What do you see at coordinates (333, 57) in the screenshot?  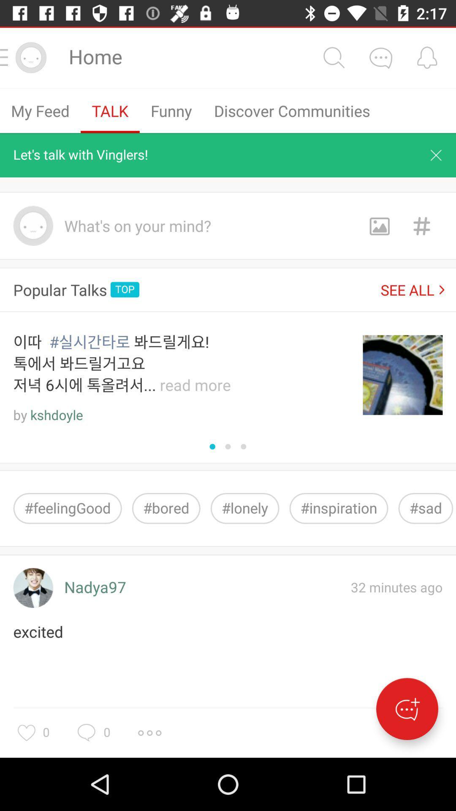 I see `search here` at bounding box center [333, 57].